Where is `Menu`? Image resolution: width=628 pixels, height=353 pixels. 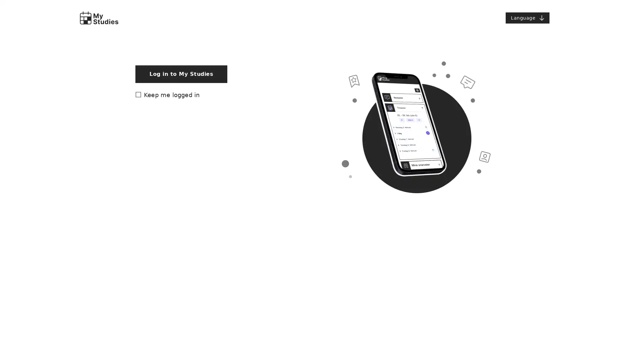 Menu is located at coordinates (527, 17).